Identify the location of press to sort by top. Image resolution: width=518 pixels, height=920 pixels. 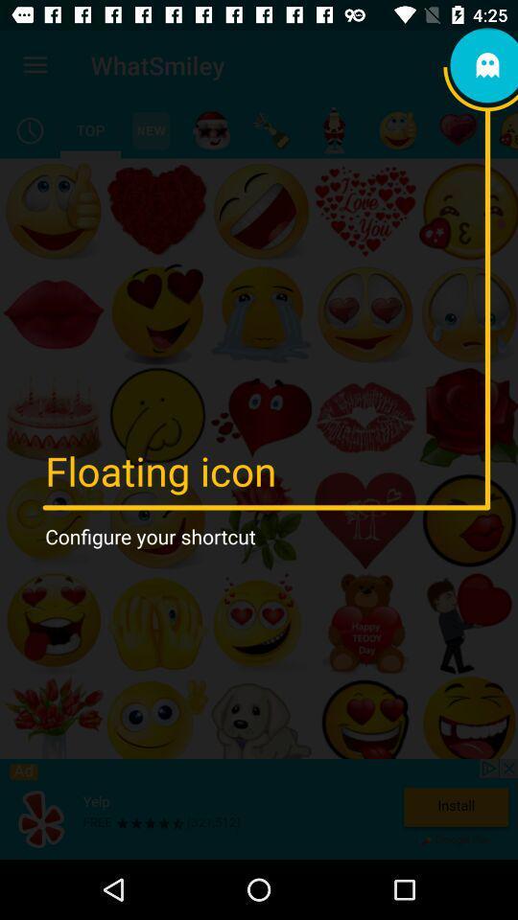
(89, 129).